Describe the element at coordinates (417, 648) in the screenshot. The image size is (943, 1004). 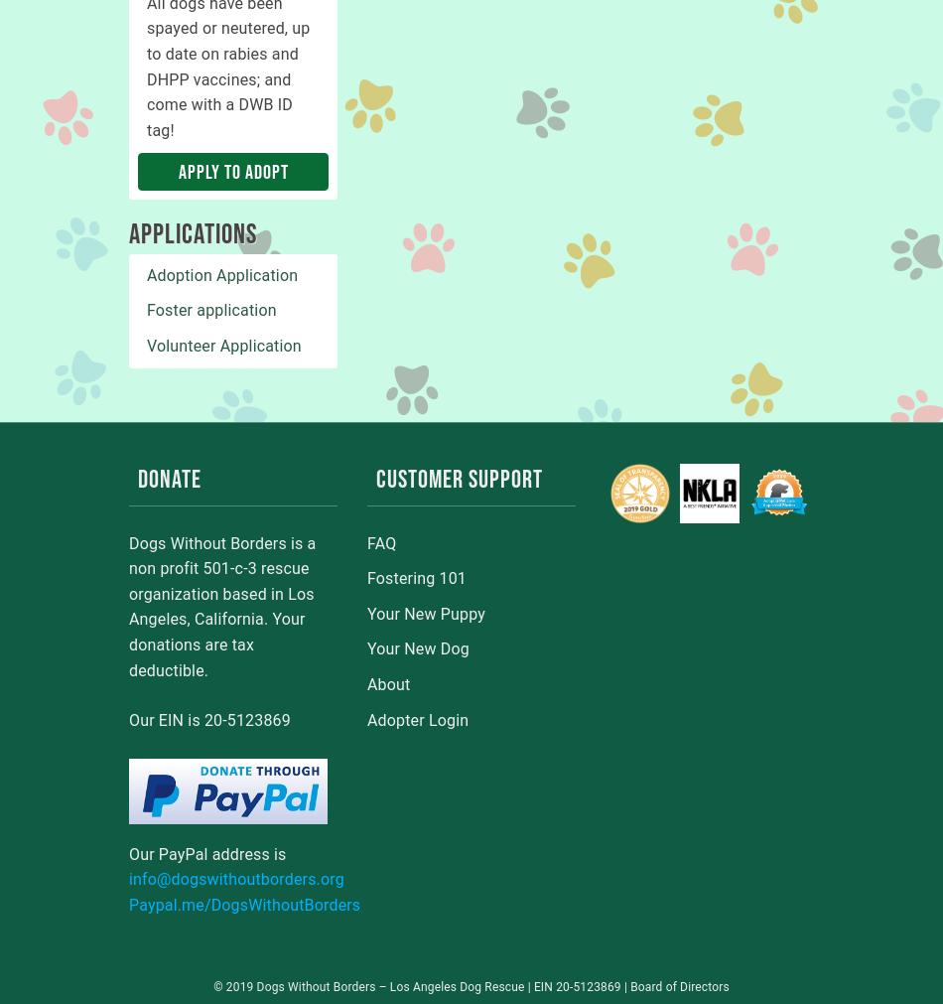
I see `'Your New Dog'` at that location.